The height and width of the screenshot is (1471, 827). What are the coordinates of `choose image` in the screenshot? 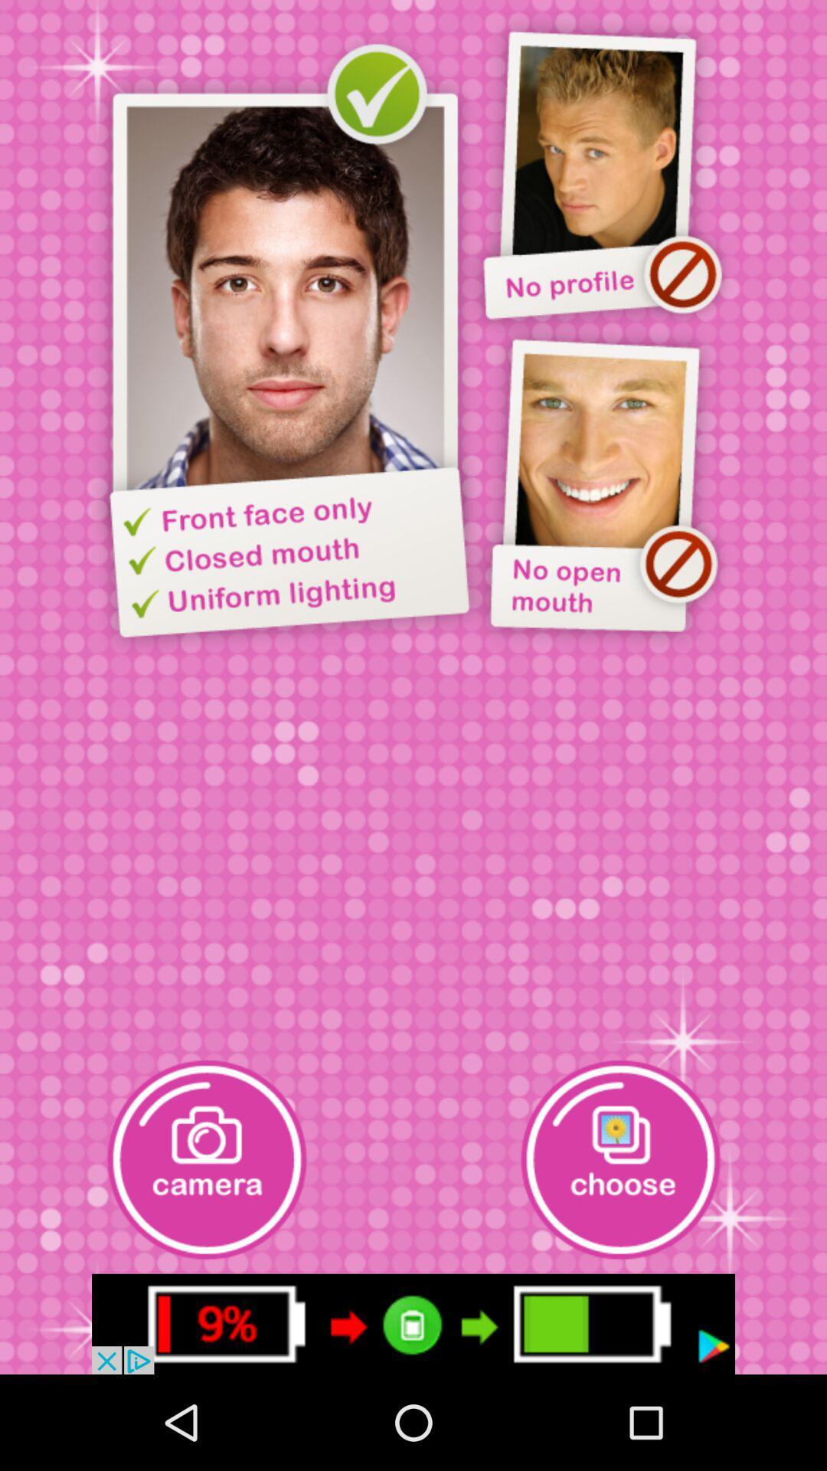 It's located at (620, 1159).